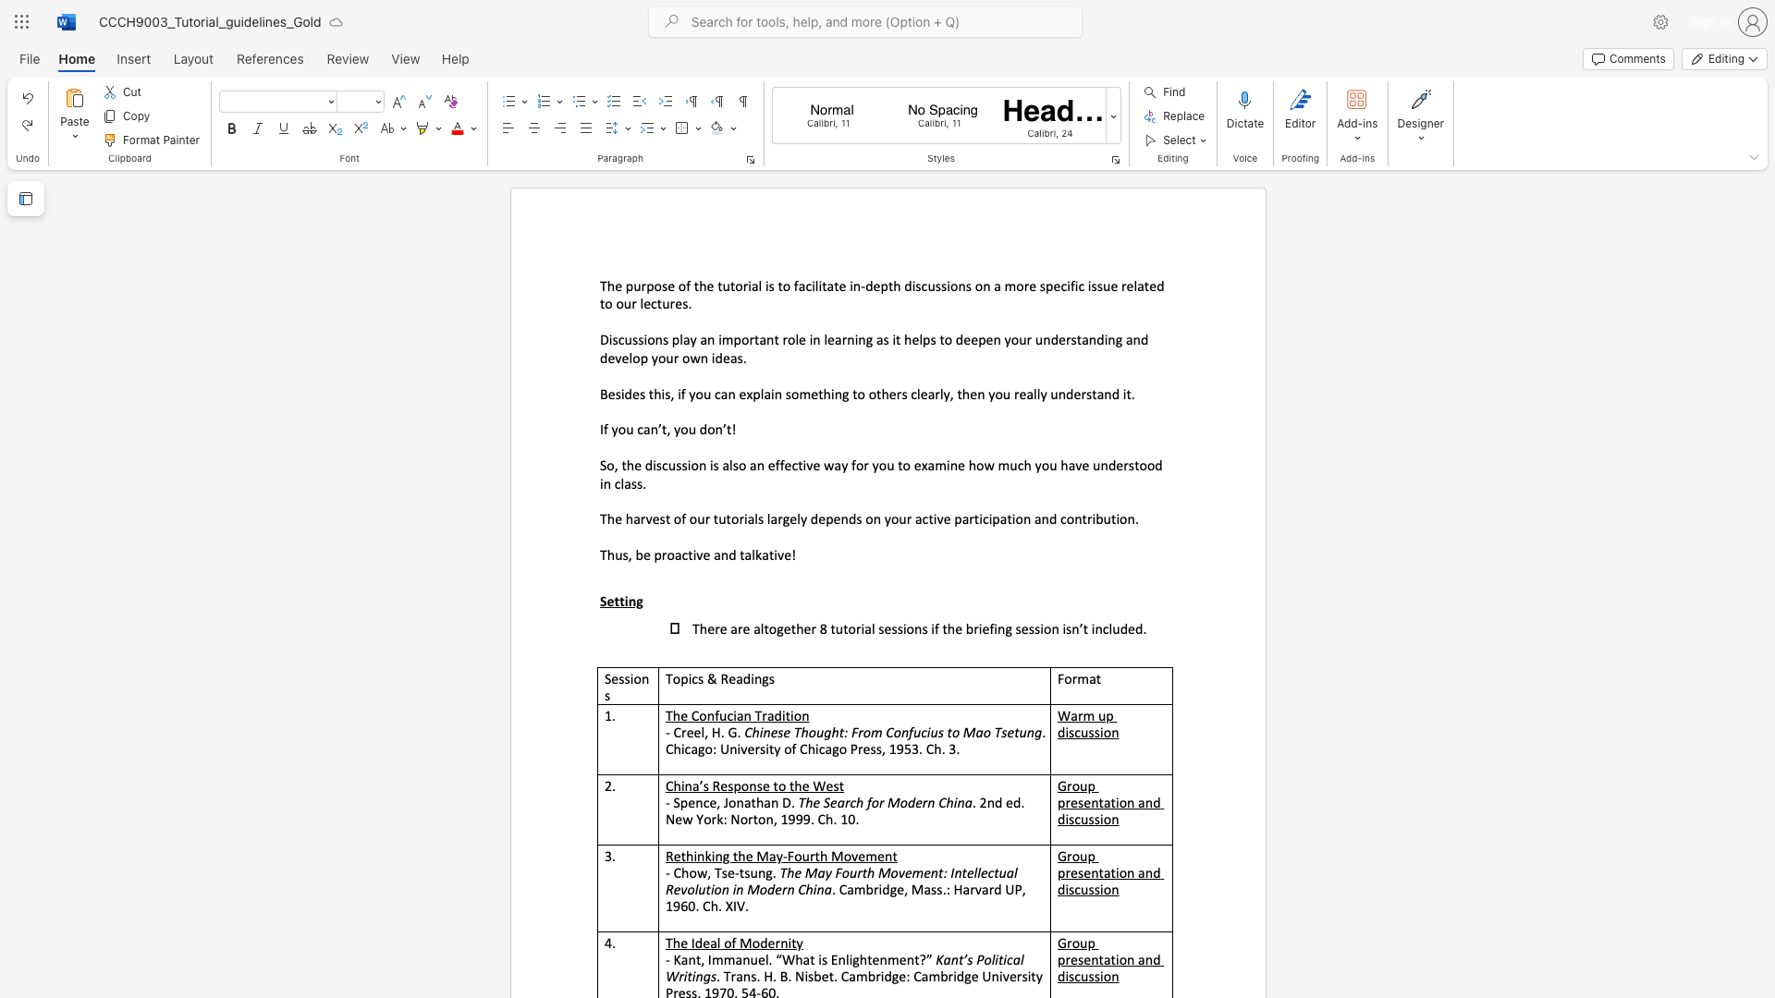  Describe the element at coordinates (957, 393) in the screenshot. I see `the subset text "then you really unders" within the text "Besides this, if you can explain something to others clearly, then you really understand it."` at that location.